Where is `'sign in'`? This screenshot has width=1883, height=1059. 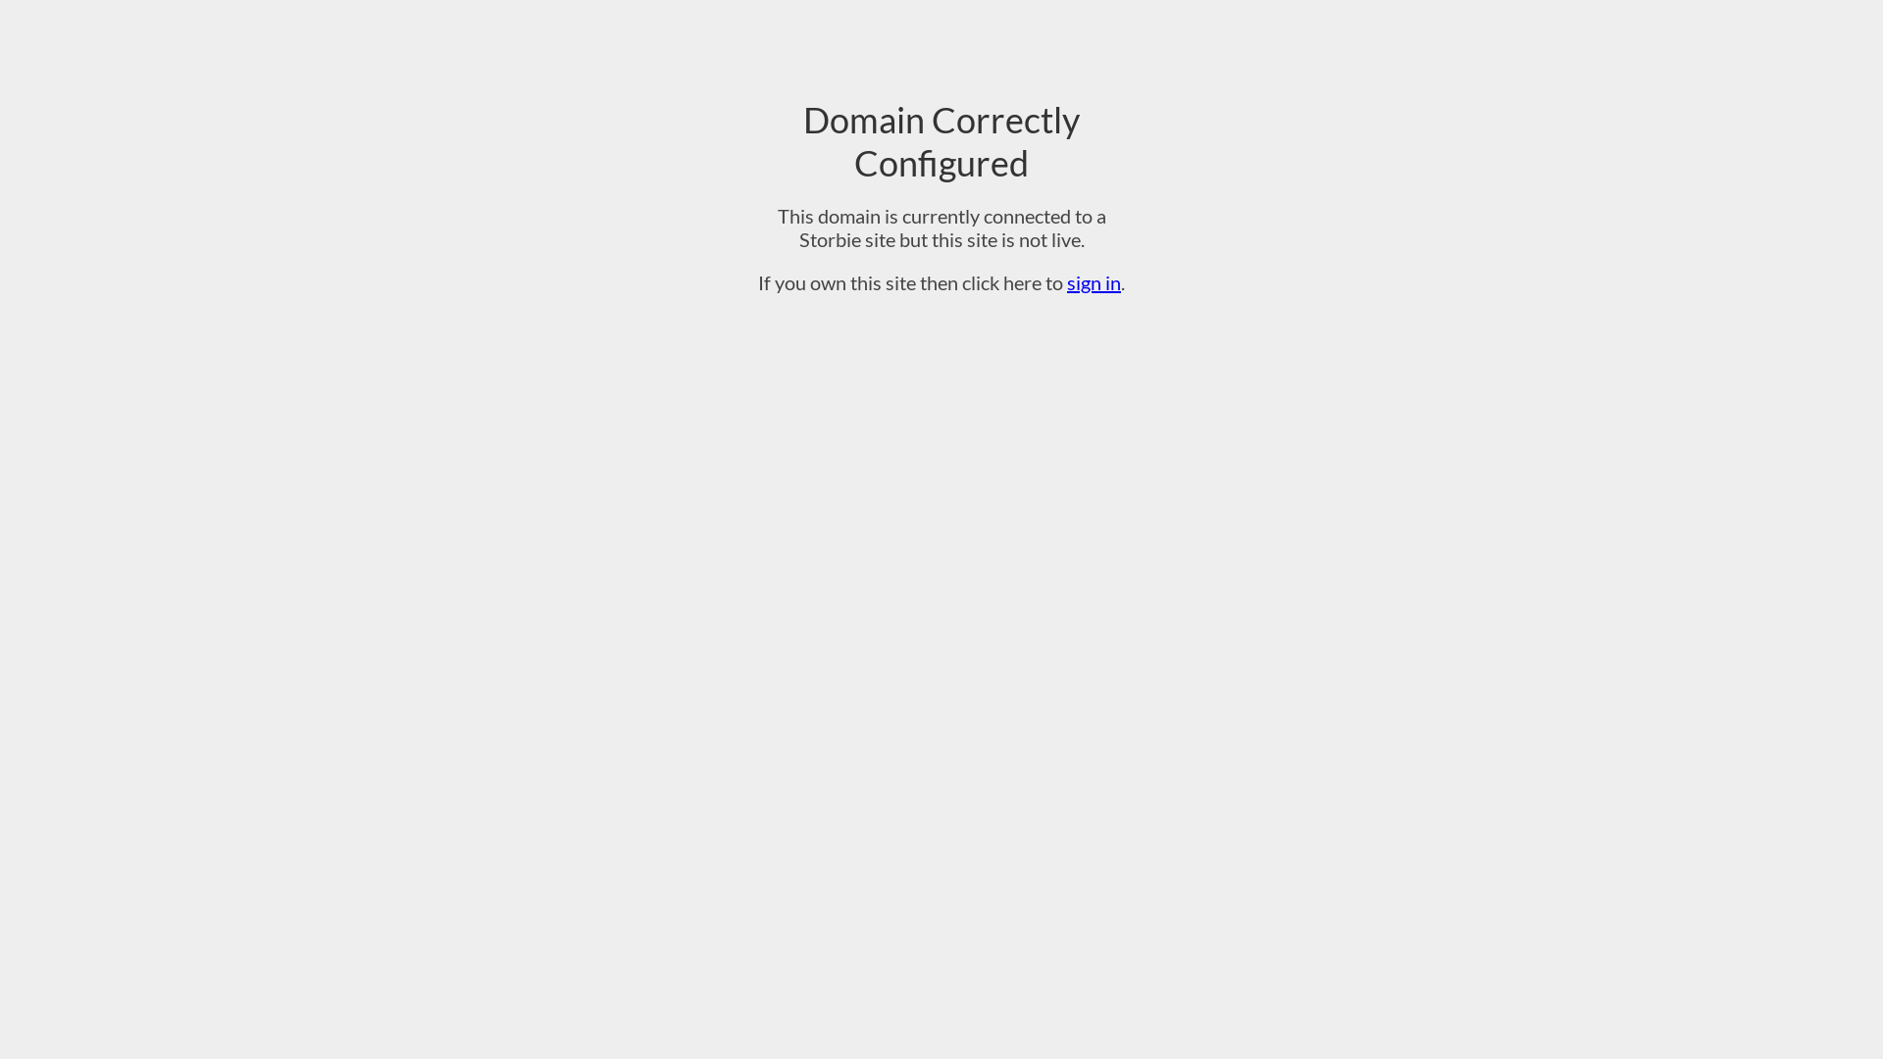
'sign in' is located at coordinates (1093, 282).